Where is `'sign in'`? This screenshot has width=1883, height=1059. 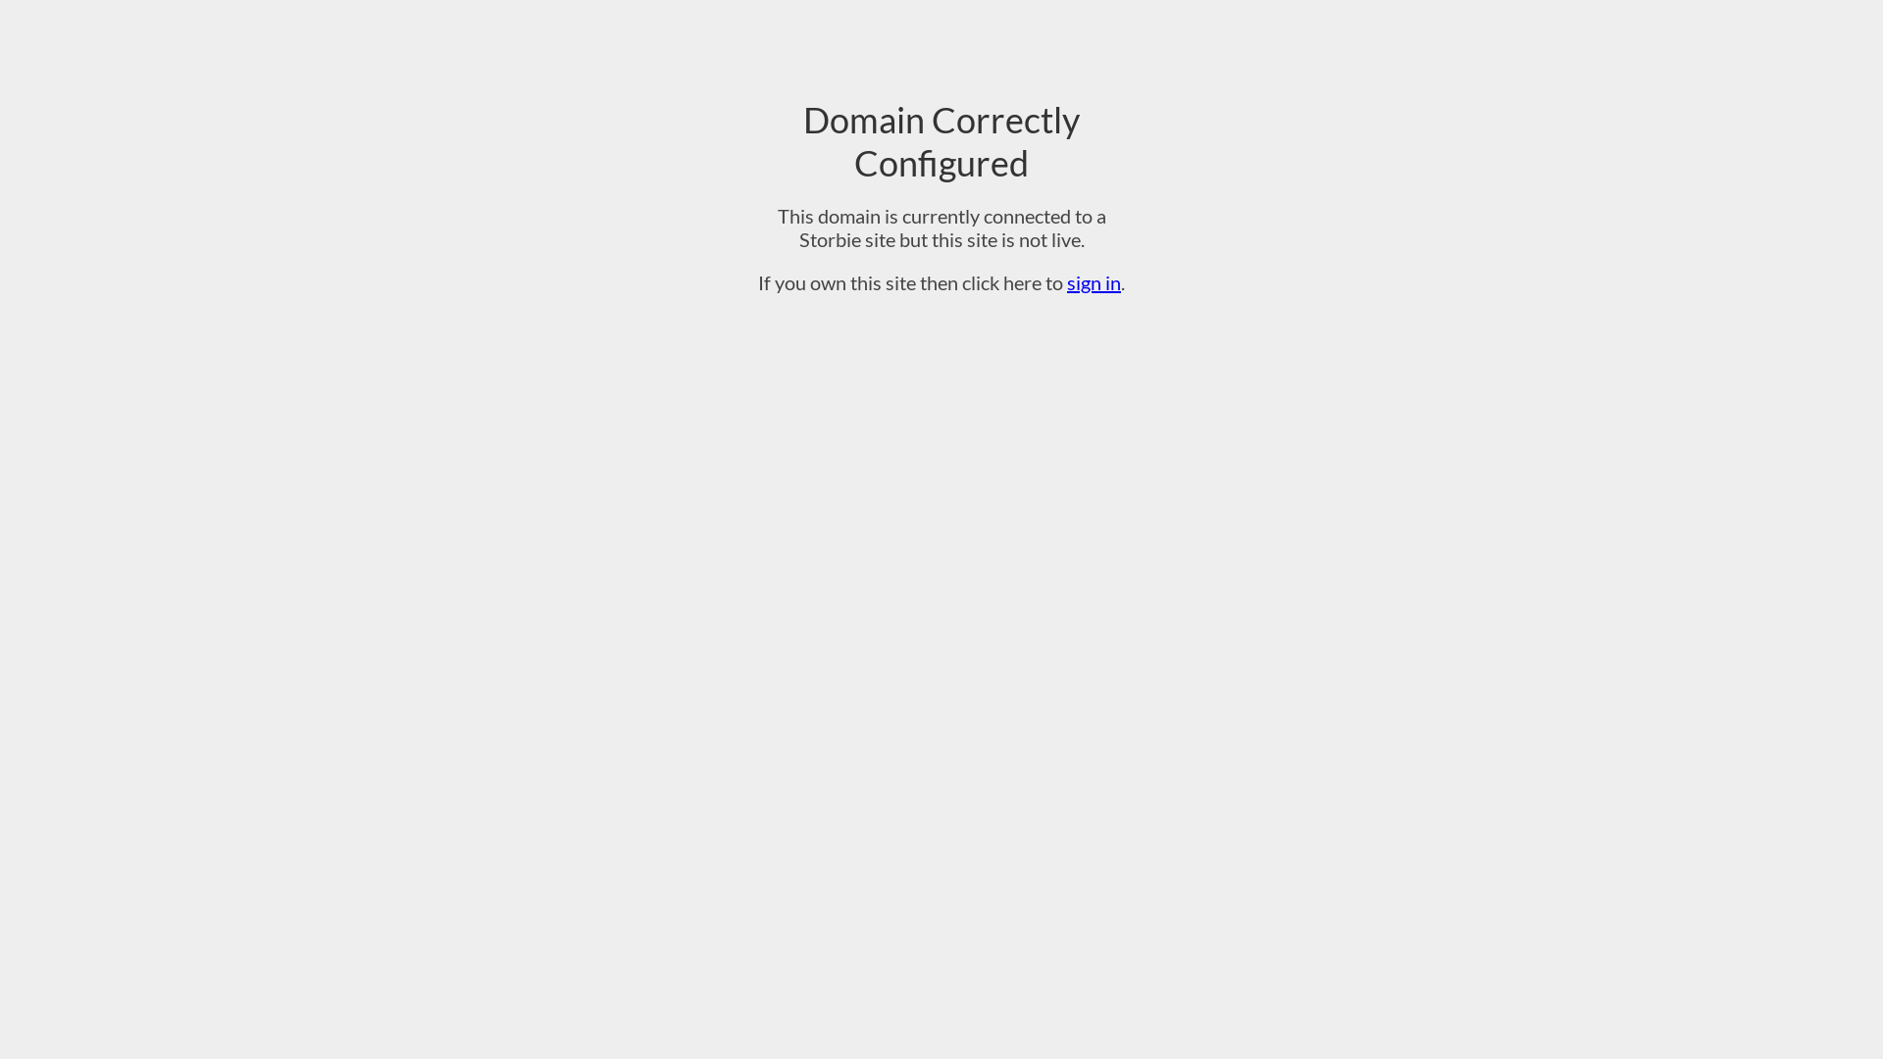
'sign in' is located at coordinates (1093, 282).